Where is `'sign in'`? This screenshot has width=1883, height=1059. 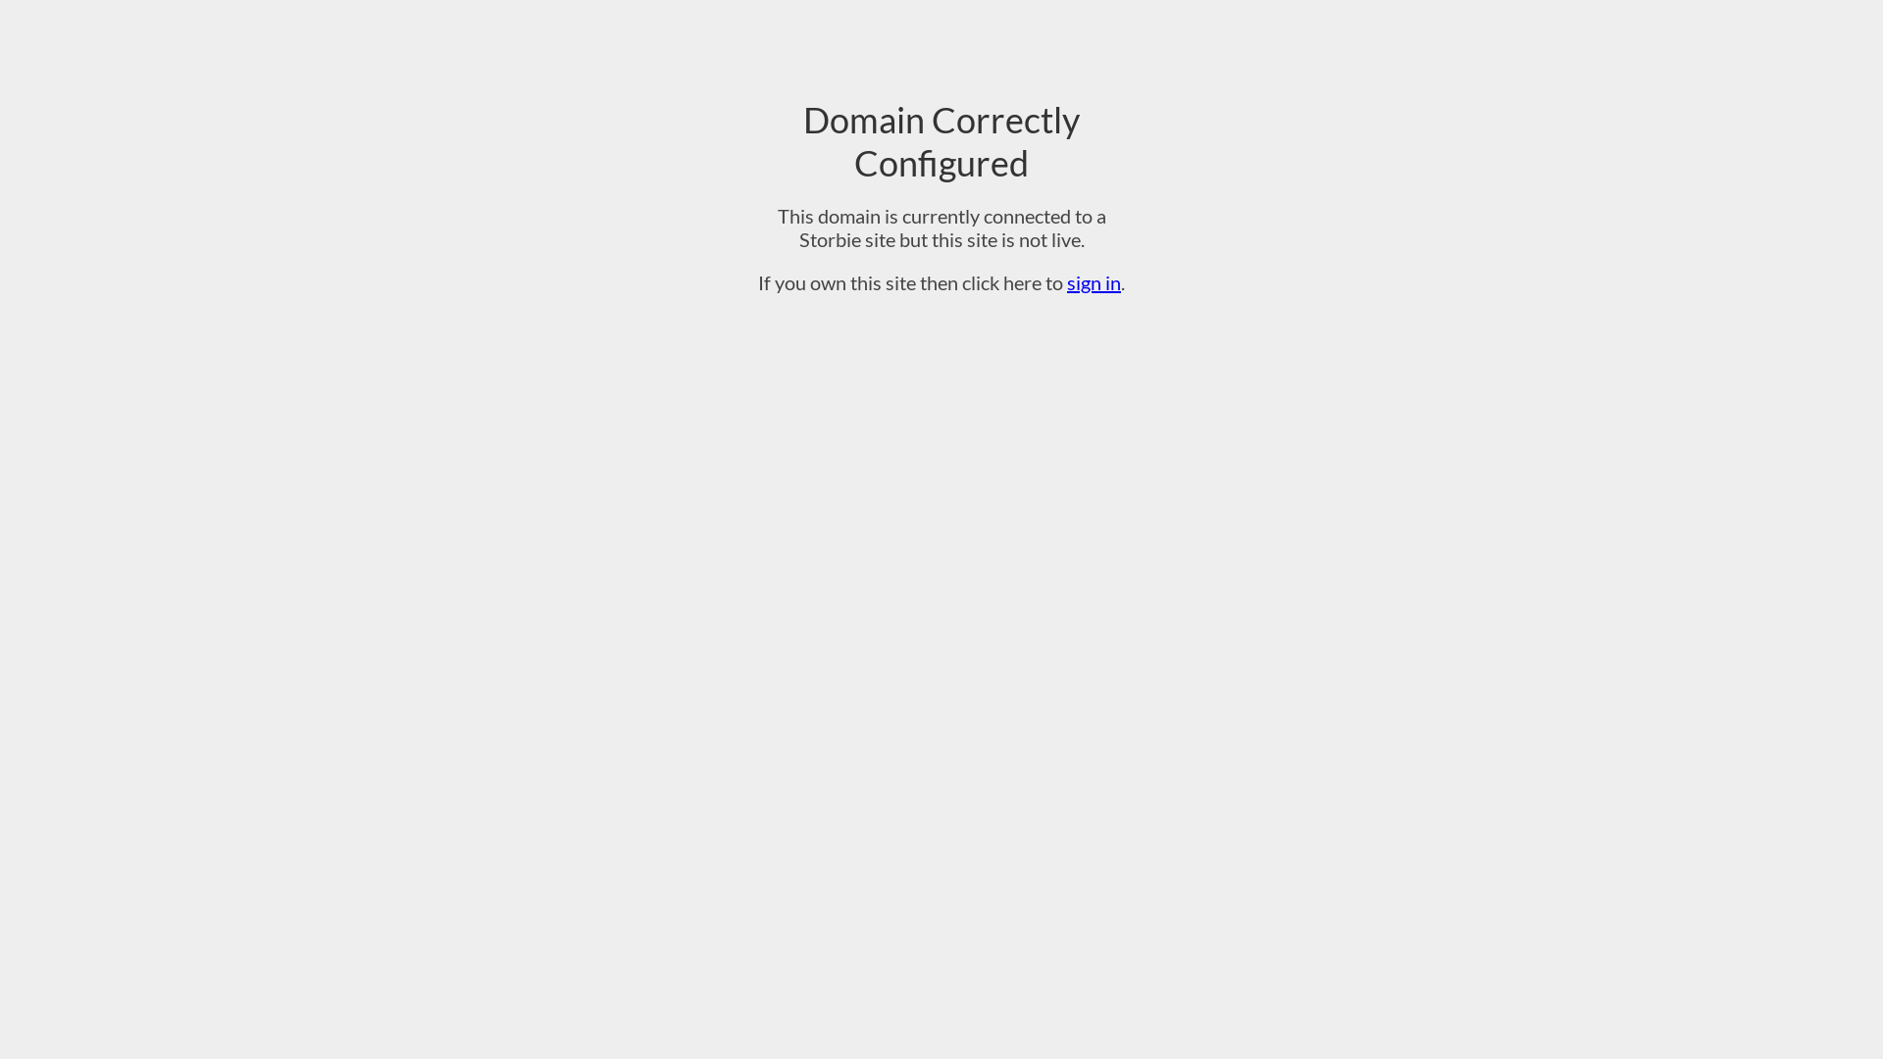
'sign in' is located at coordinates (1093, 282).